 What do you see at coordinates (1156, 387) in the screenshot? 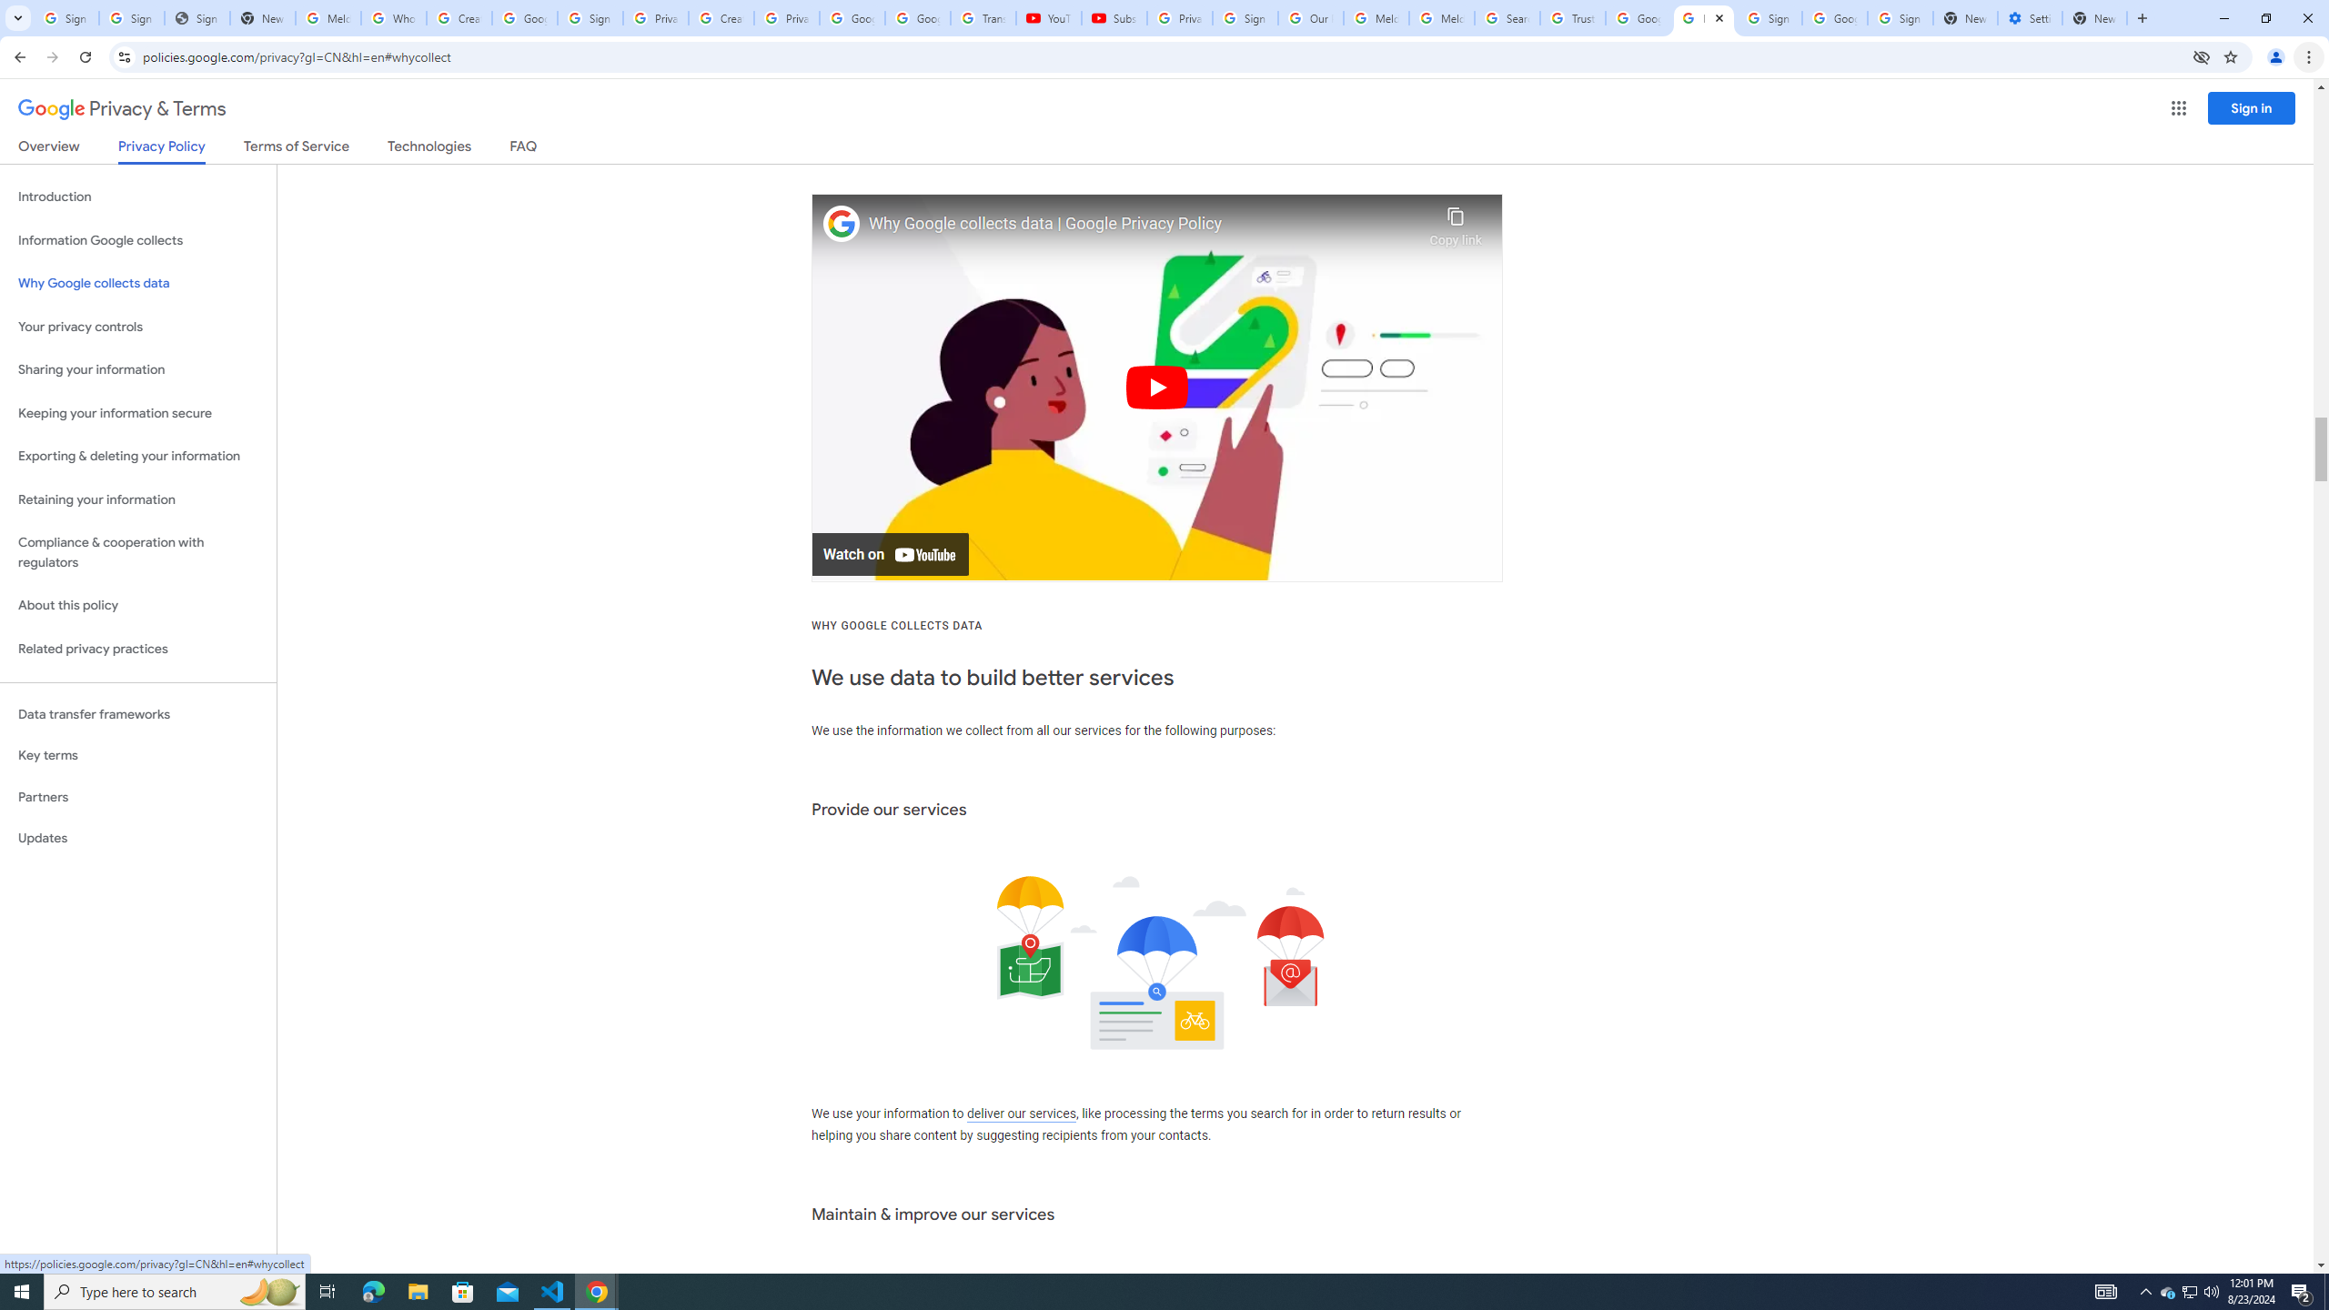
I see `'Play'` at bounding box center [1156, 387].